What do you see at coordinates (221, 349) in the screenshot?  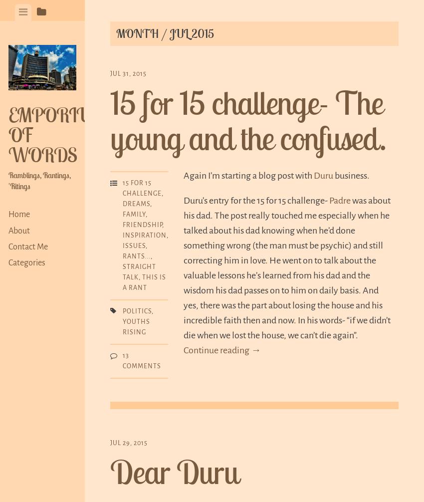 I see `'Continue reading →'` at bounding box center [221, 349].